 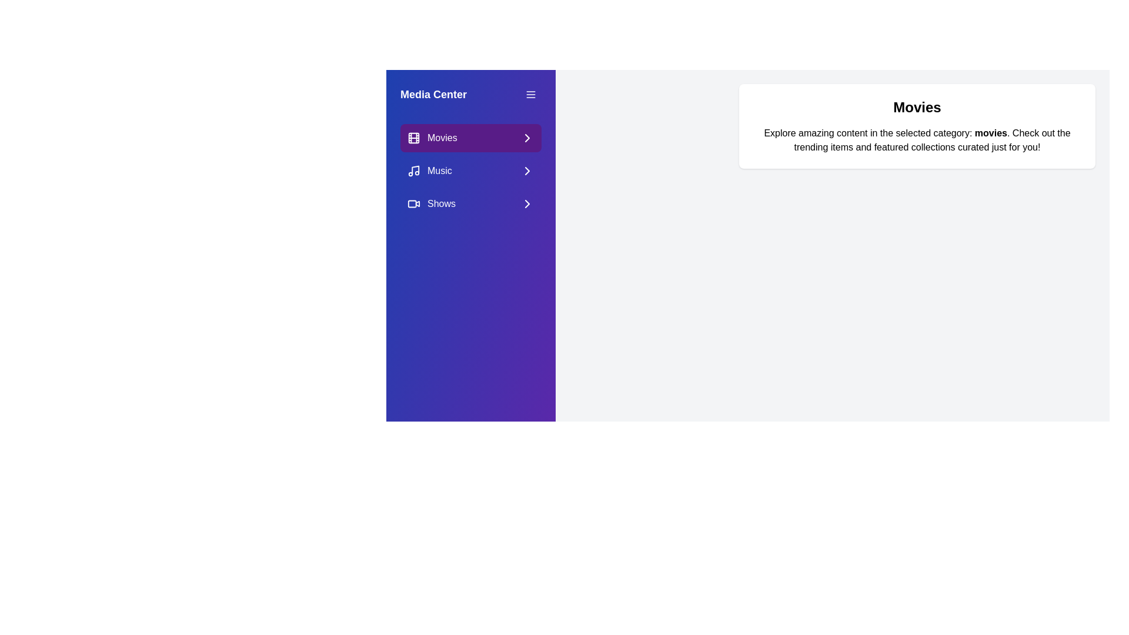 What do you see at coordinates (527, 171) in the screenshot?
I see `the second chevron icon to the right of the 'Music' text label in the vertical list on the left-side navigation panel` at bounding box center [527, 171].